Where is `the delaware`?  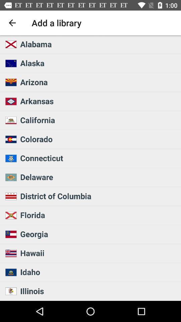
the delaware is located at coordinates (98, 176).